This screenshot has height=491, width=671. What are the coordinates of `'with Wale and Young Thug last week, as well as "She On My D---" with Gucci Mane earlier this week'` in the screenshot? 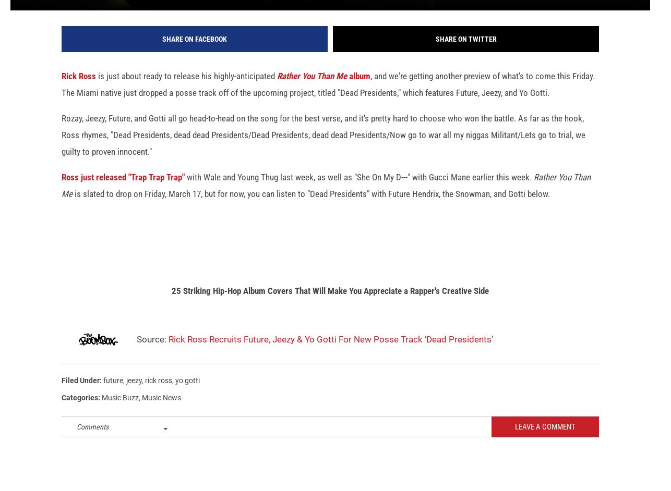 It's located at (357, 191).